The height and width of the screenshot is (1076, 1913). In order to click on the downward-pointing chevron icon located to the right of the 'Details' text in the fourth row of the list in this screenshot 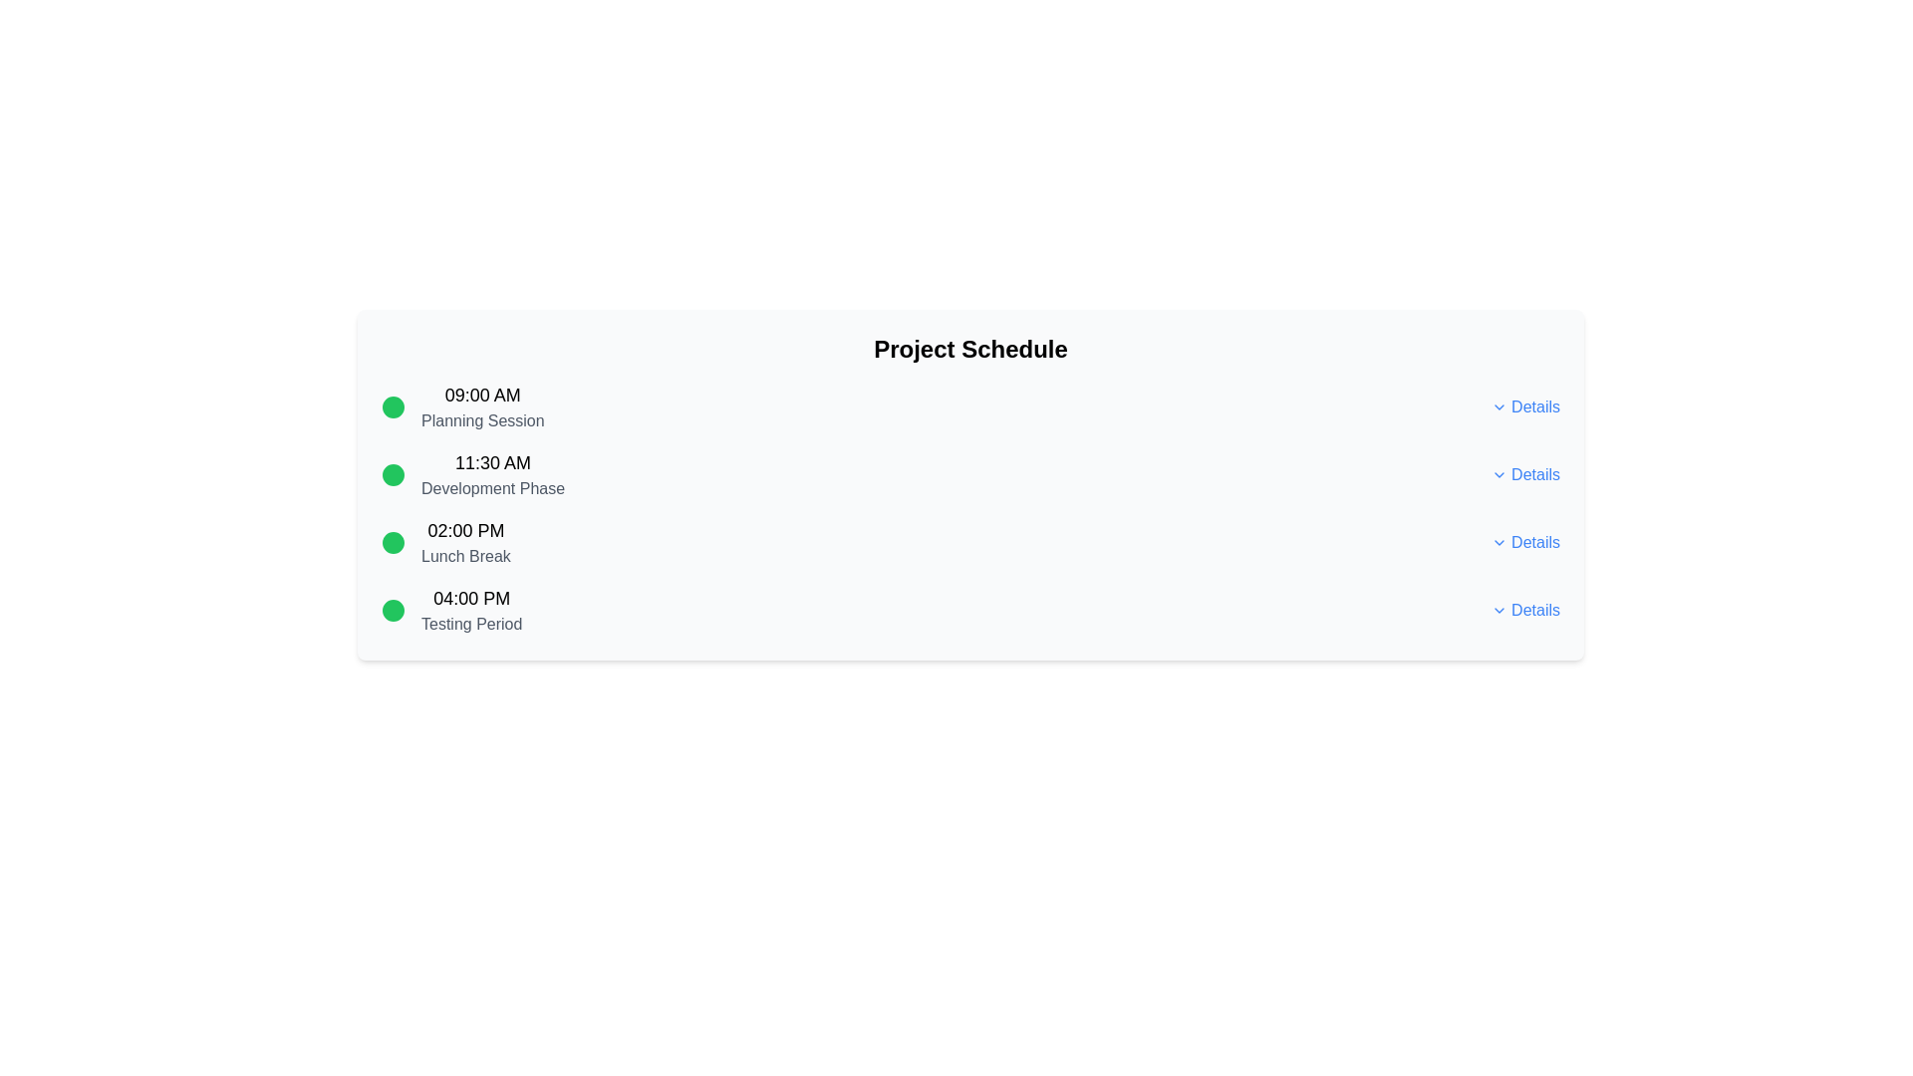, I will do `click(1500, 610)`.